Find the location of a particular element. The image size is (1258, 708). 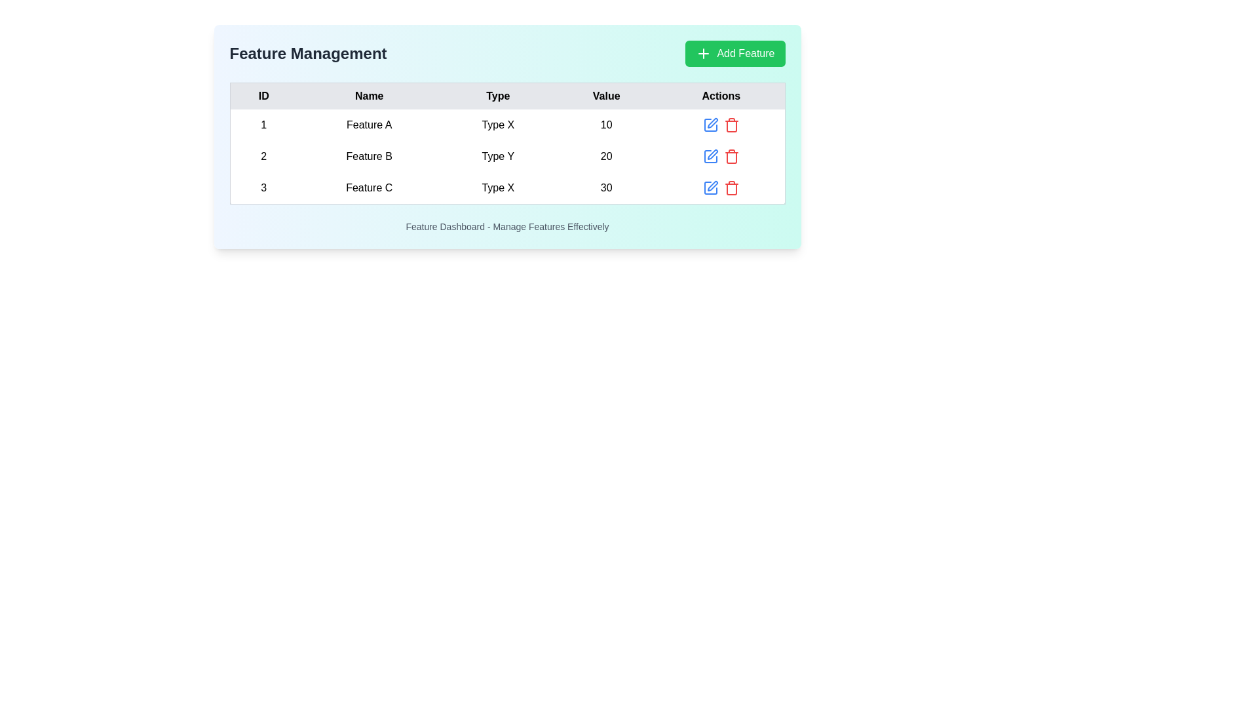

the pen-shaped icon button in the last row of the 'Actions' column, which suggests an editing or drawing action is located at coordinates (712, 186).